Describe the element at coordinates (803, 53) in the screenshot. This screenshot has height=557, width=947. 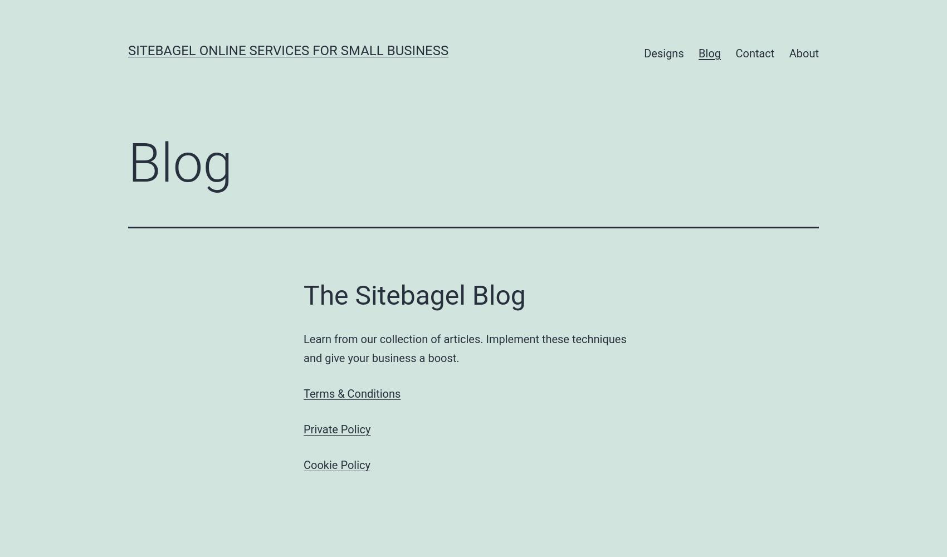
I see `'About'` at that location.